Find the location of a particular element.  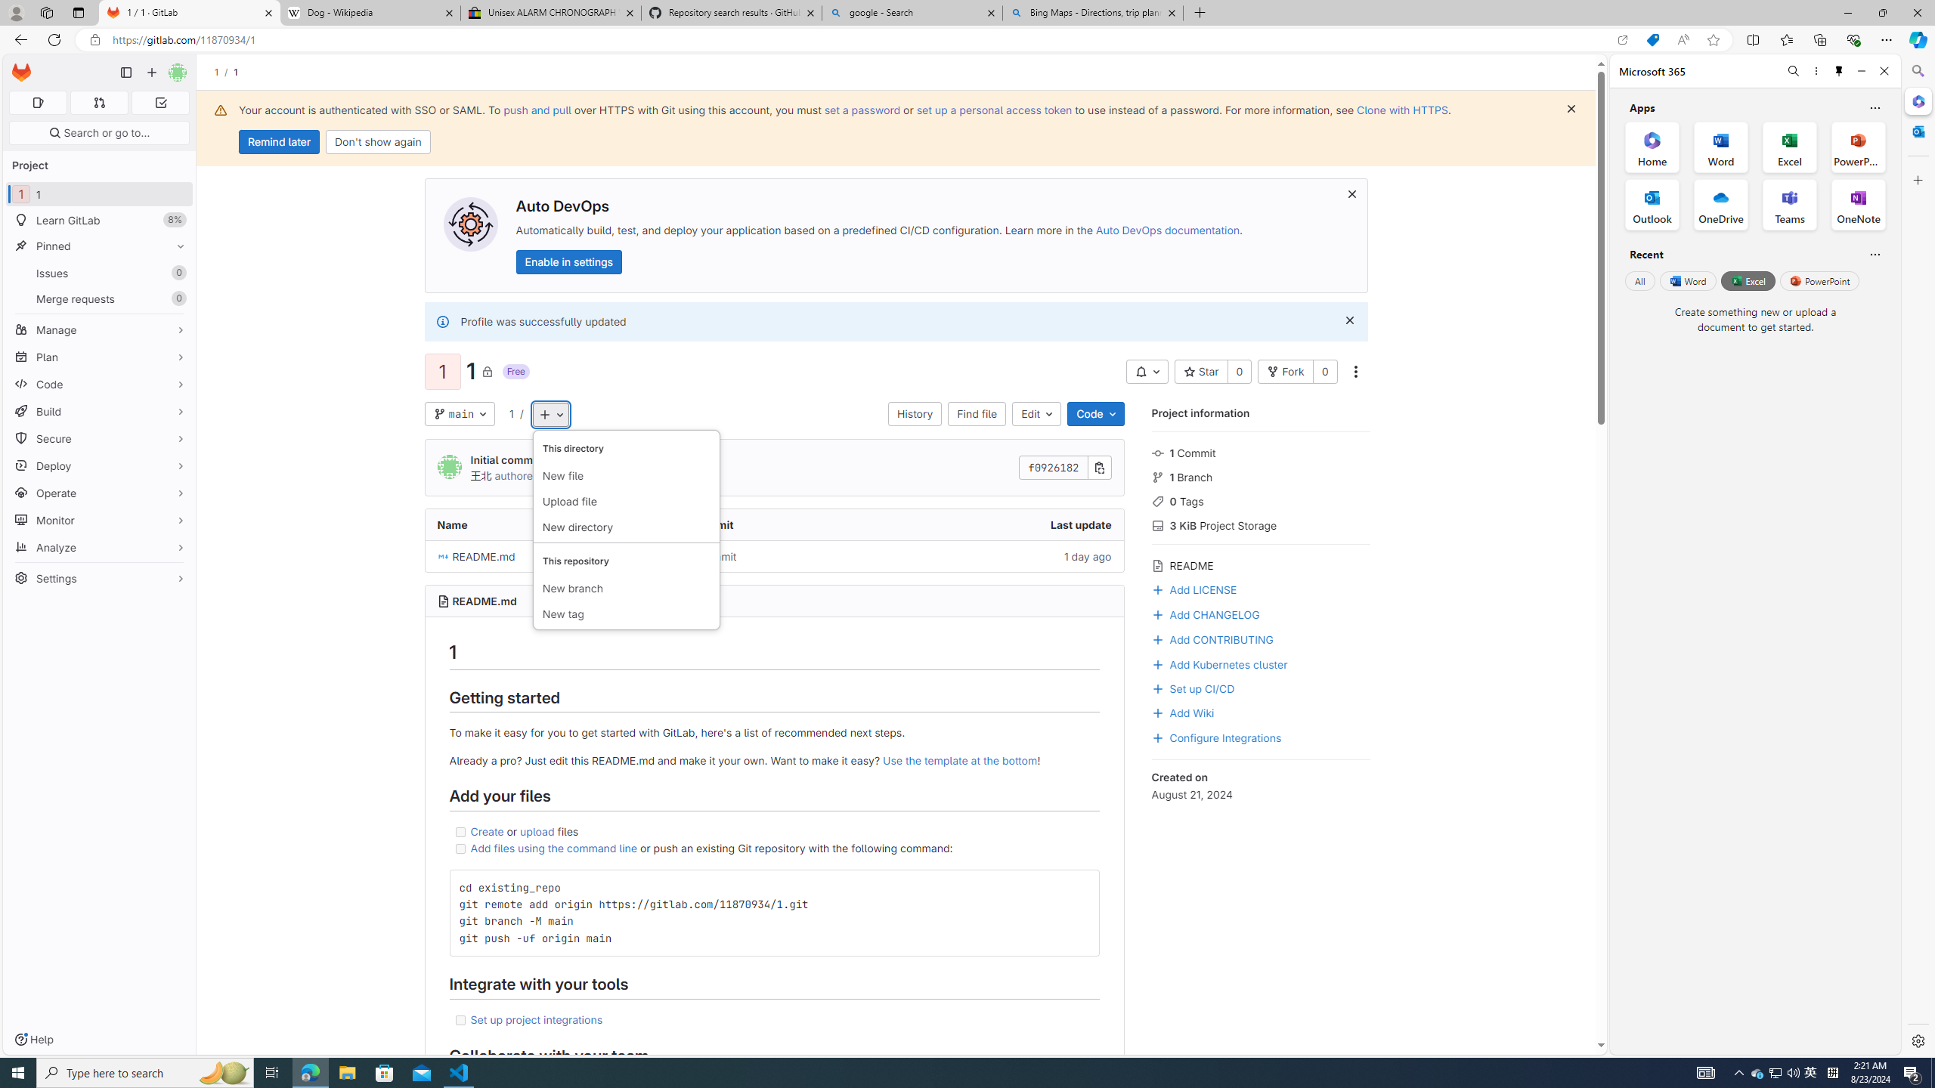

'New fileUpload fileNew directory' is located at coordinates (625, 487).